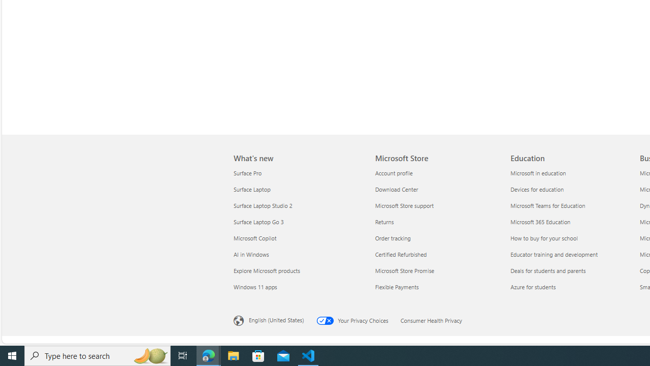 This screenshot has width=650, height=366. I want to click on 'Deals for students and parents Education', so click(547, 270).